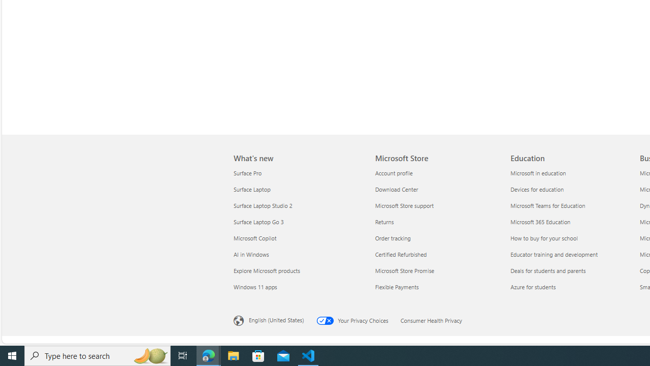 This screenshot has width=650, height=366. I want to click on 'Deals for students and parents Education', so click(547, 270).